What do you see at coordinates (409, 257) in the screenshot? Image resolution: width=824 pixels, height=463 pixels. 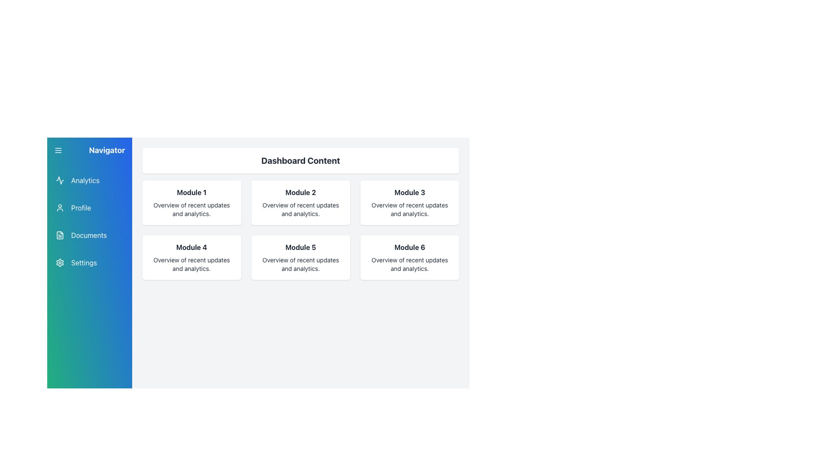 I see `the rectangular card with a white background, rounded corners, and shadow that contains the text 'Module 6' and 'Overview of recent updates and analytics.' This card is located in the last position of a six-card grid in the Dashboard Content` at bounding box center [409, 257].